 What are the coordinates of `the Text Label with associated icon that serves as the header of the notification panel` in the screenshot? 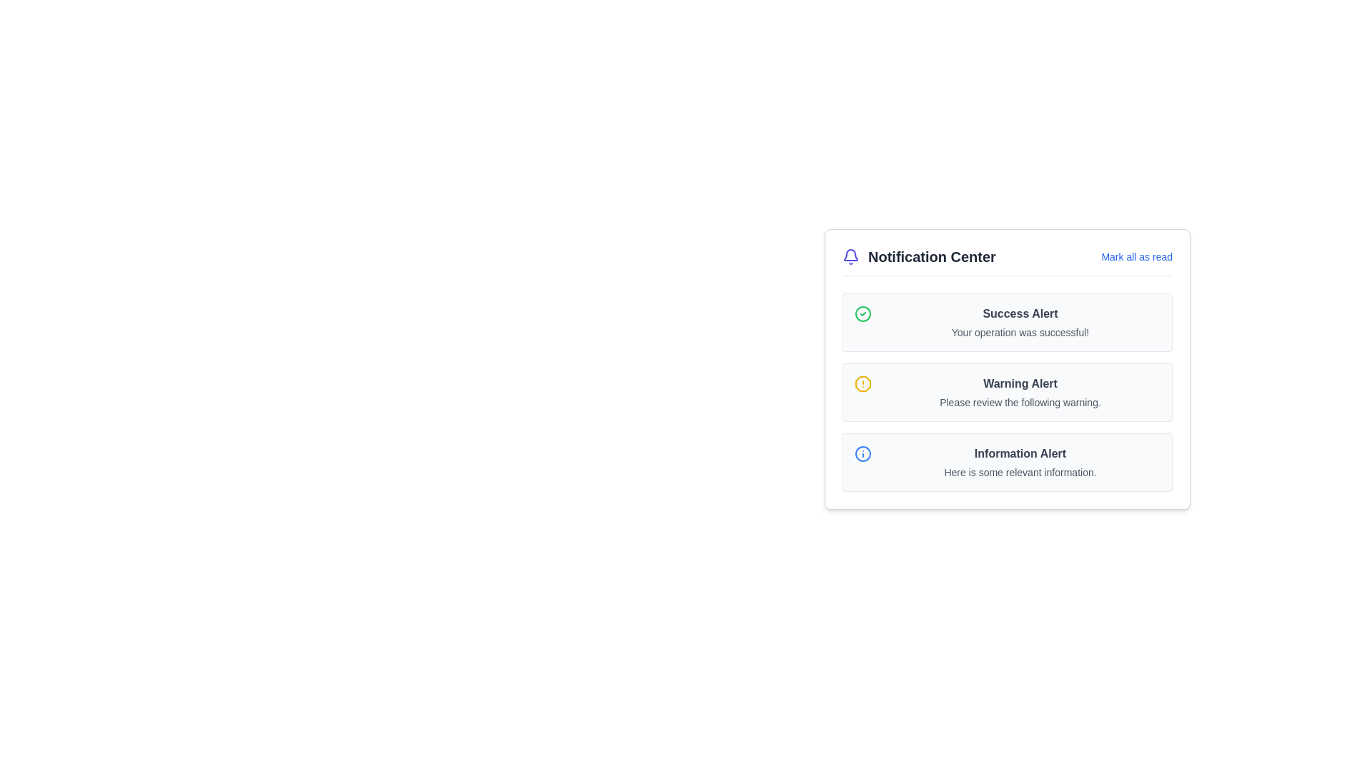 It's located at (919, 256).